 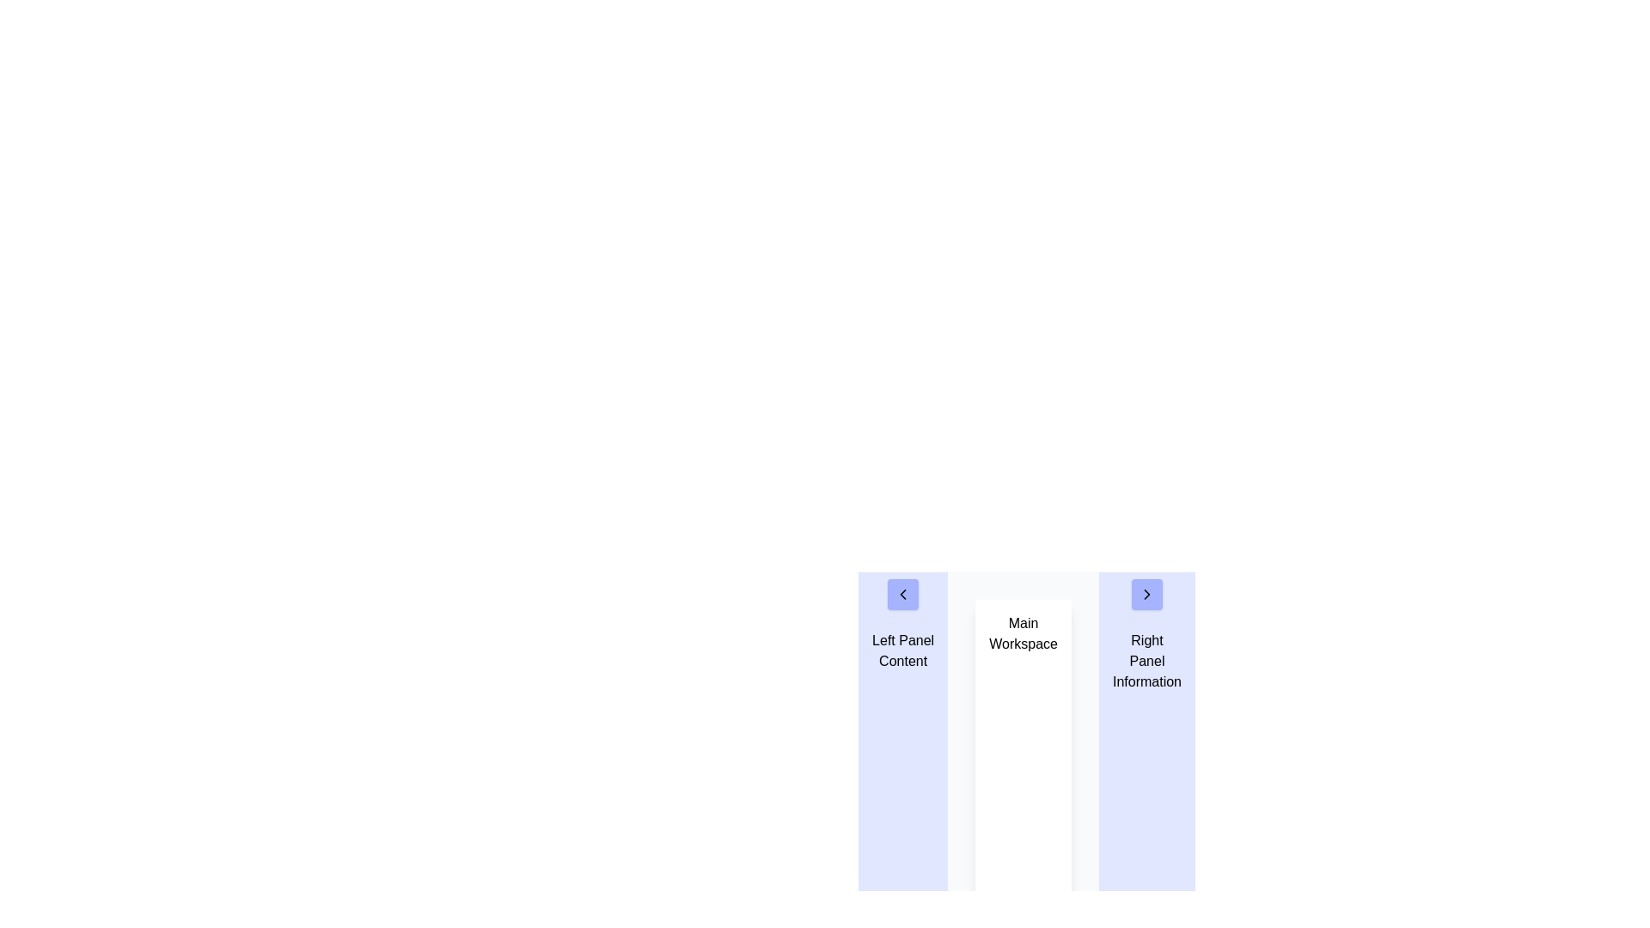 I want to click on the navigation icon located at the top-left corner of the application layout, so click(x=902, y=593).